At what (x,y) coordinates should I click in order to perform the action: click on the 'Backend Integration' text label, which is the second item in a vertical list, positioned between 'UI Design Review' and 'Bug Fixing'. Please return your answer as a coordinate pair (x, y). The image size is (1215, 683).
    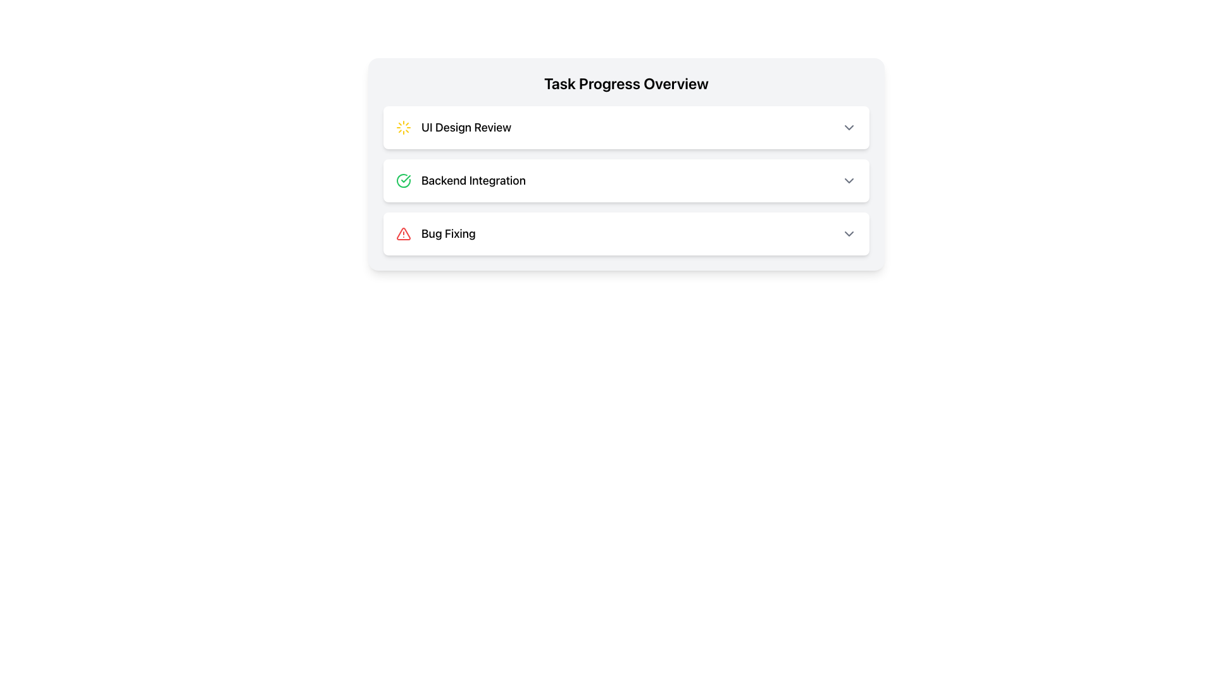
    Looking at the image, I should click on (473, 180).